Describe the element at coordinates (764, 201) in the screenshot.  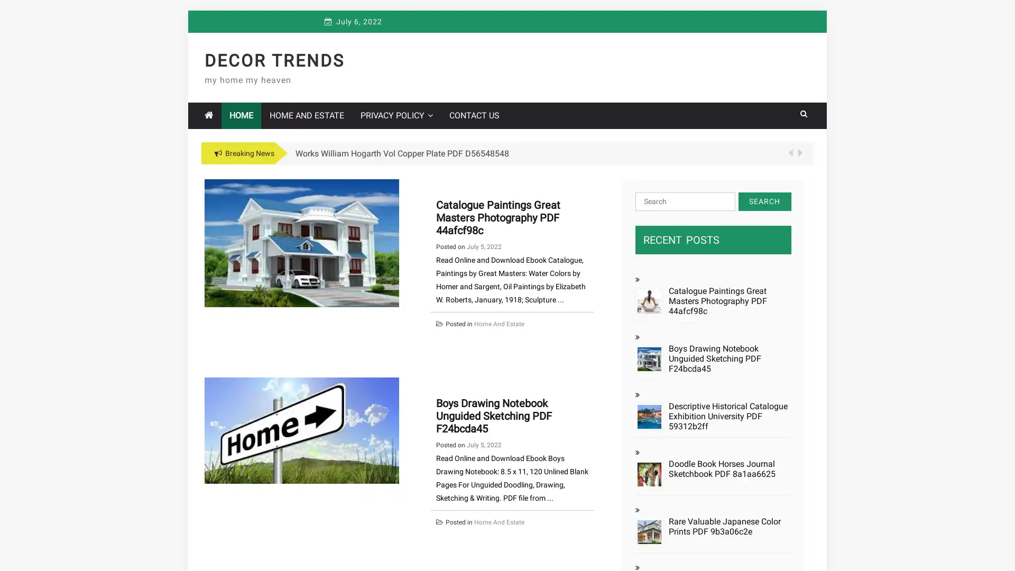
I see `Search` at that location.